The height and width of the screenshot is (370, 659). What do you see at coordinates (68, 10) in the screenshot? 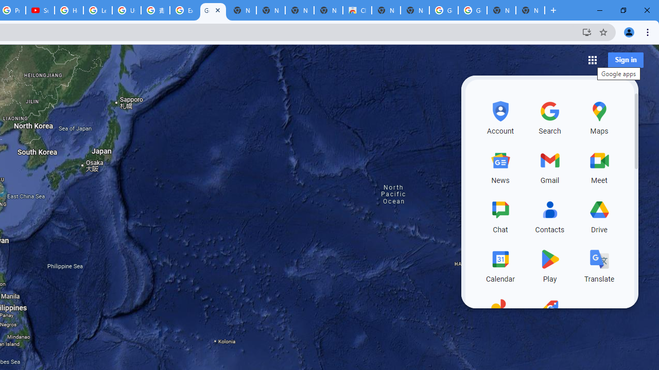
I see `'How Chrome protects your passwords - Google Chrome Help'` at bounding box center [68, 10].